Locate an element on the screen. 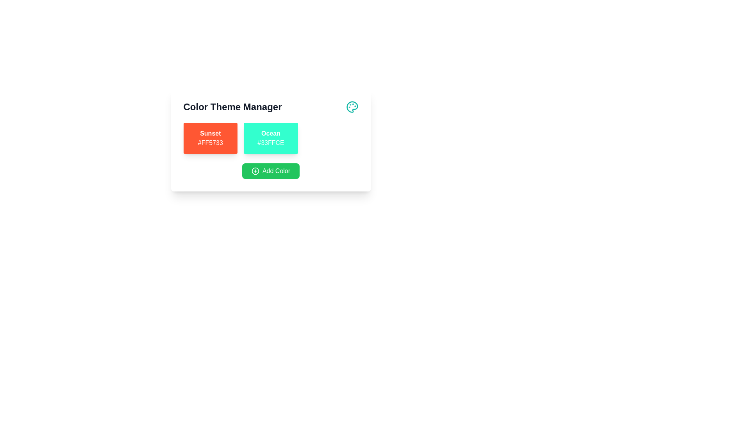  the addition icon located on the left side of the 'Add Color' green button is located at coordinates (255, 171).